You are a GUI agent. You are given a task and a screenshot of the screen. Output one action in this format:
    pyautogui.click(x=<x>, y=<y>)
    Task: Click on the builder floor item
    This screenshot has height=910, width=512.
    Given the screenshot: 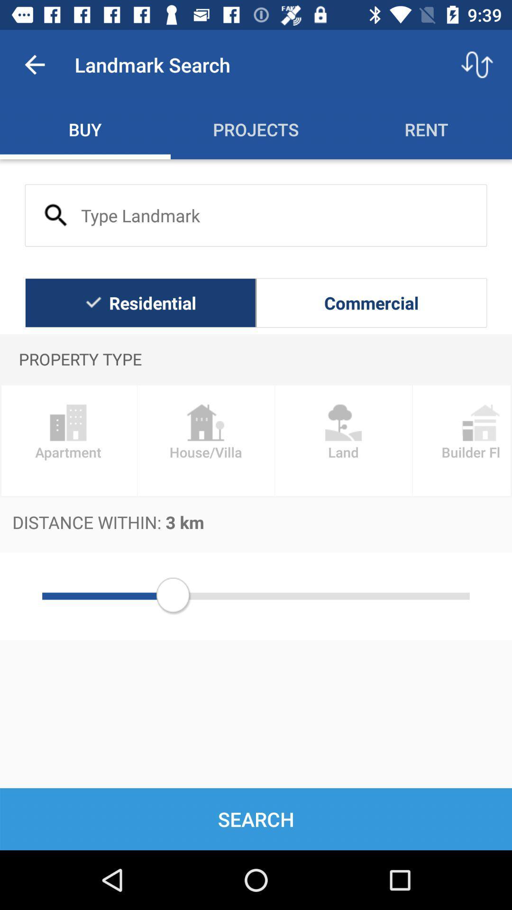 What is the action you would take?
    pyautogui.click(x=462, y=440)
    